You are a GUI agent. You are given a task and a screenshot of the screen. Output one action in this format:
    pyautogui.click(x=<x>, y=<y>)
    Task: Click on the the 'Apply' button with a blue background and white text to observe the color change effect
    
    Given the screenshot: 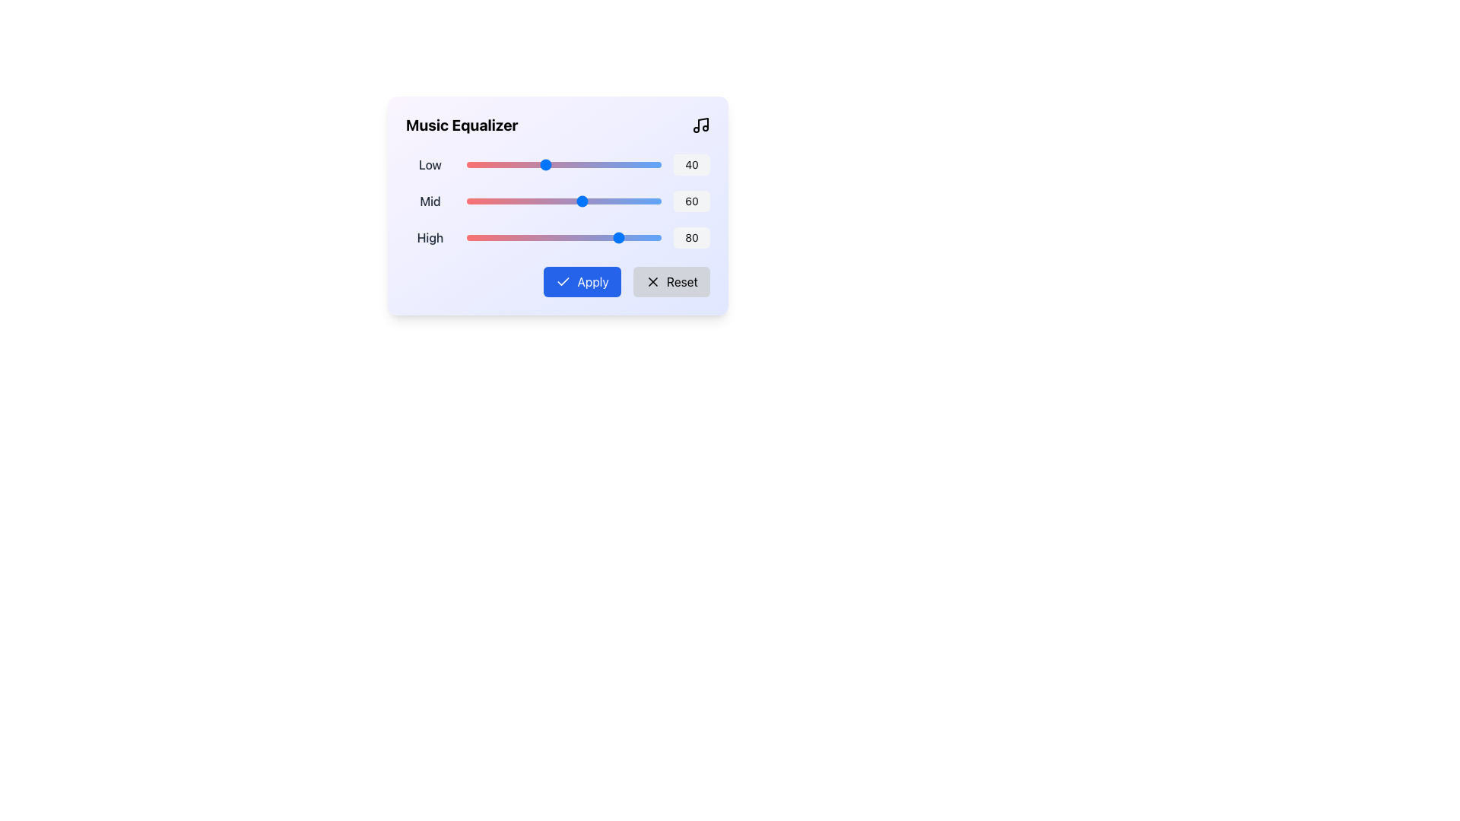 What is the action you would take?
    pyautogui.click(x=582, y=281)
    